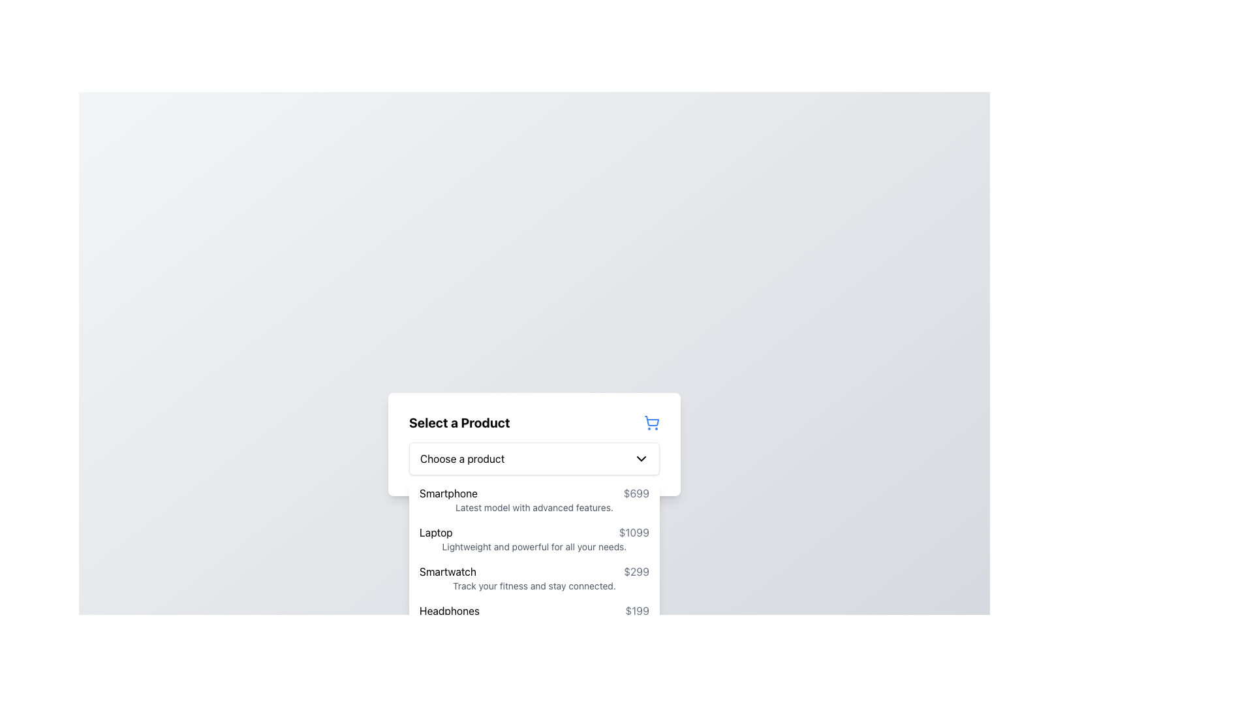 This screenshot has height=705, width=1253. Describe the element at coordinates (534, 458) in the screenshot. I see `the dropdown menu labeled 'Choose a product' located centrally within the white rectangular card box below the title 'Select a Product'` at that location.